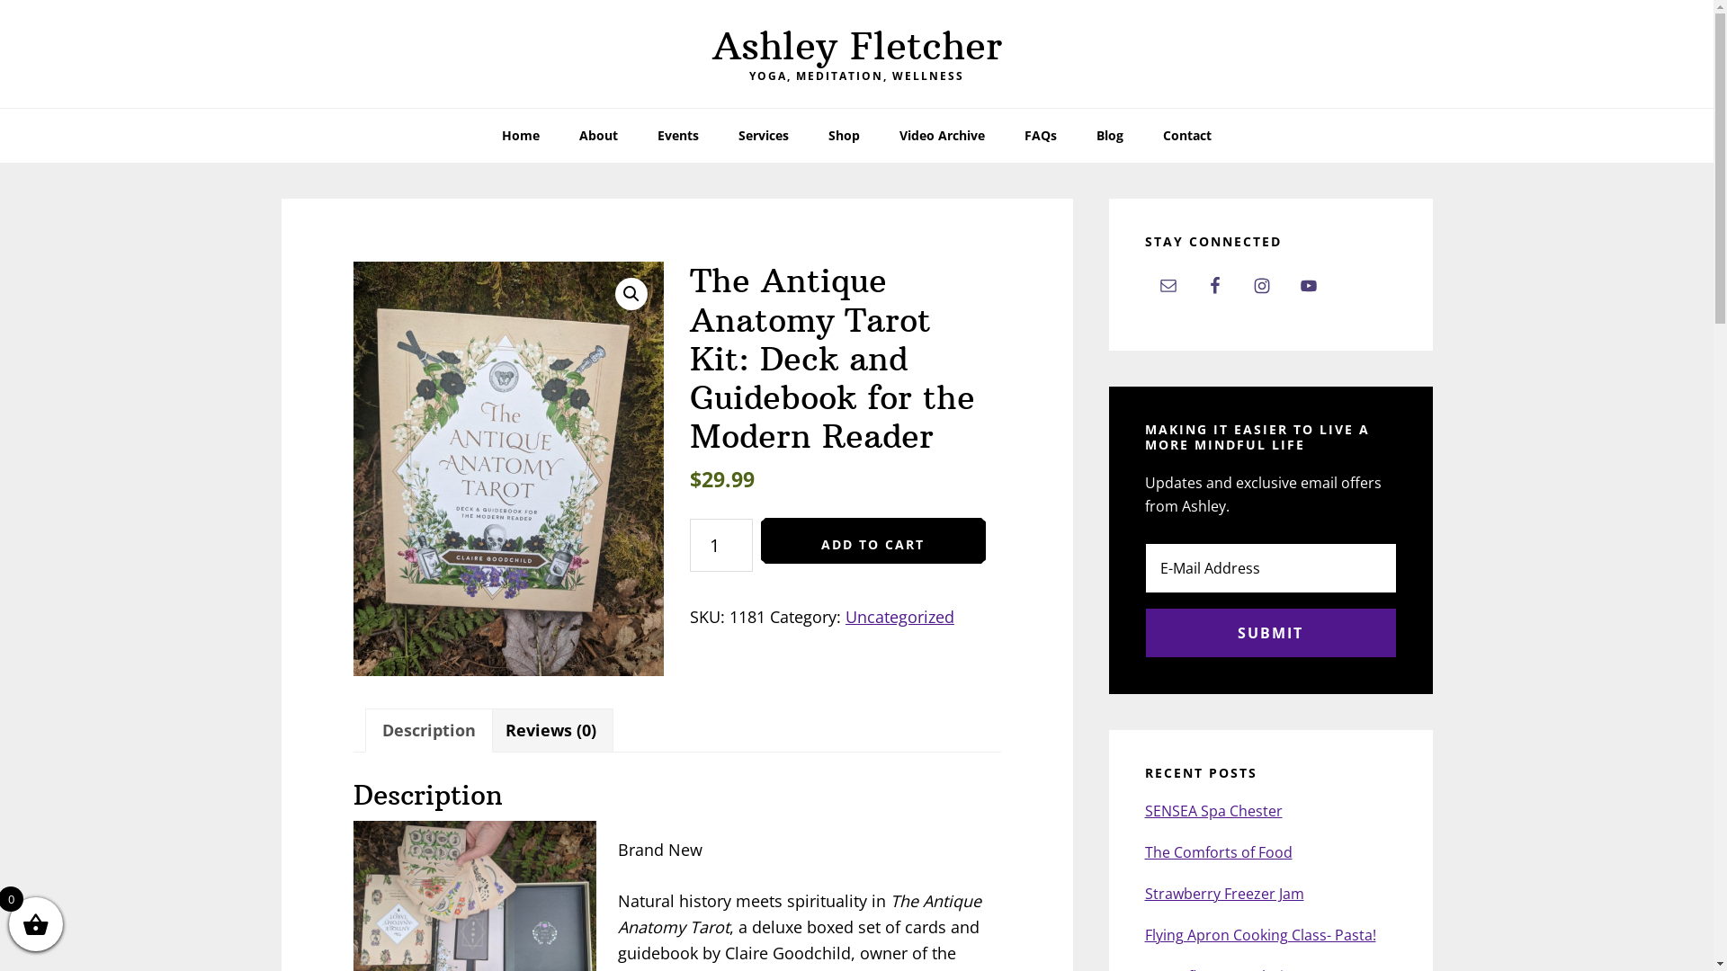 The height and width of the screenshot is (971, 1727). I want to click on 'Uncategorized', so click(899, 616).